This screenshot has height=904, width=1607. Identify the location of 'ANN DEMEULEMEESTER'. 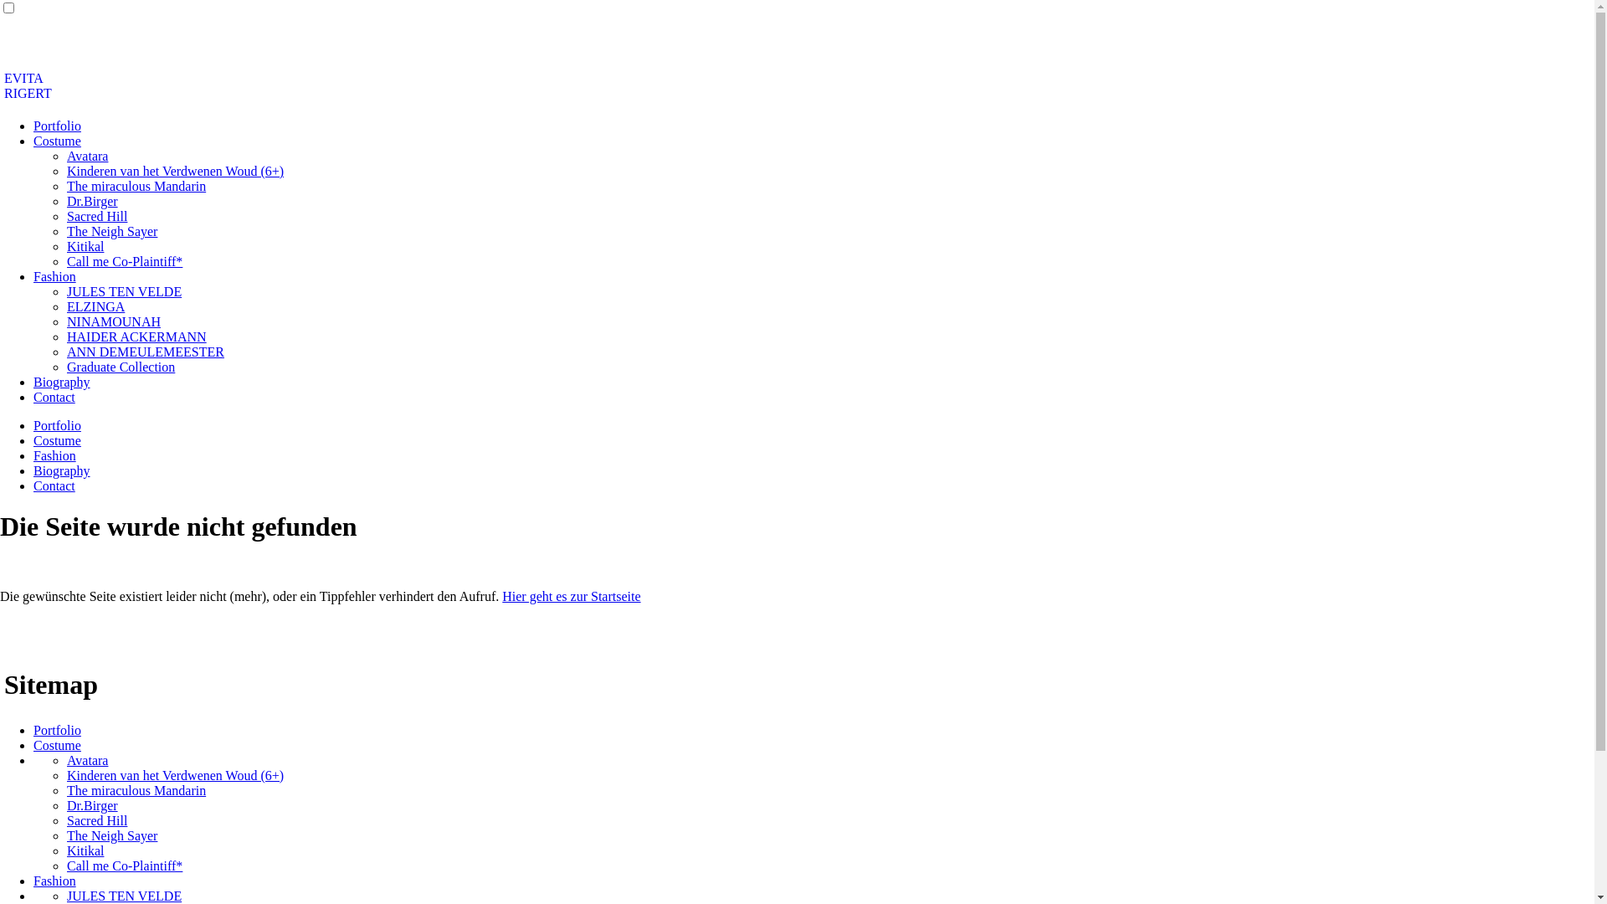
(145, 351).